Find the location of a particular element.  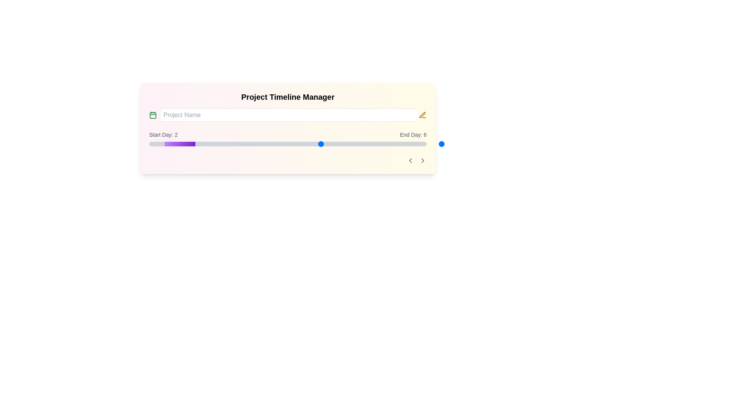

the main body of the calendar icon located at the center of the SVG element, which is surrounded by decorative lines and dividers is located at coordinates (153, 115).